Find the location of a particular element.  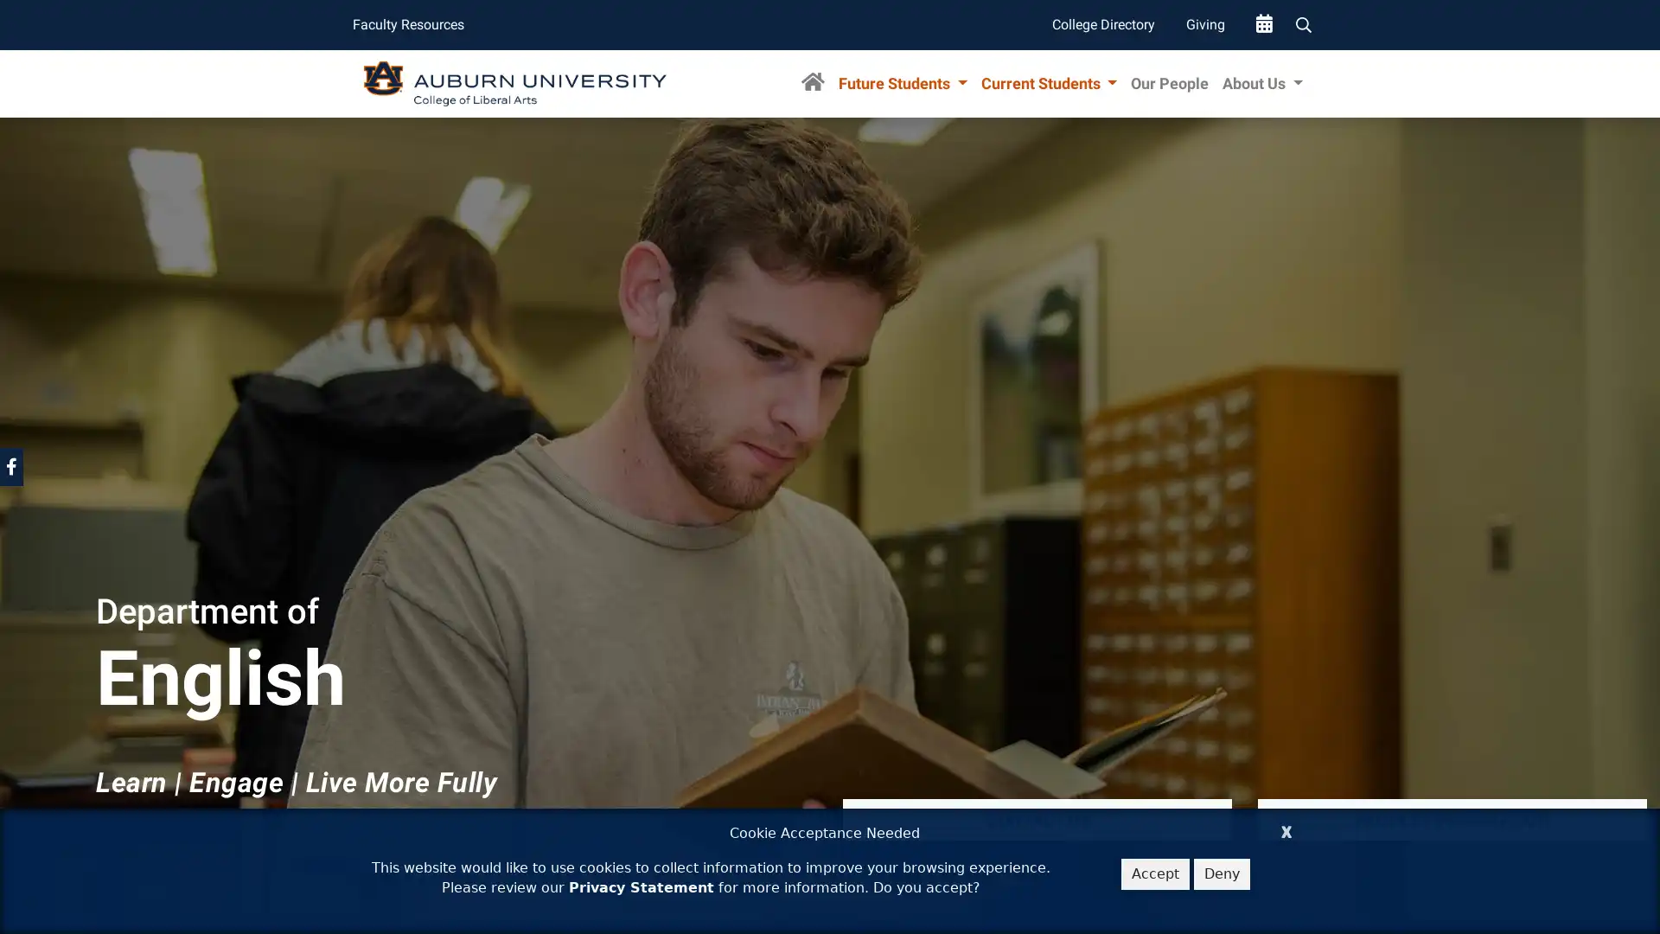

Deny is located at coordinates (1221, 873).